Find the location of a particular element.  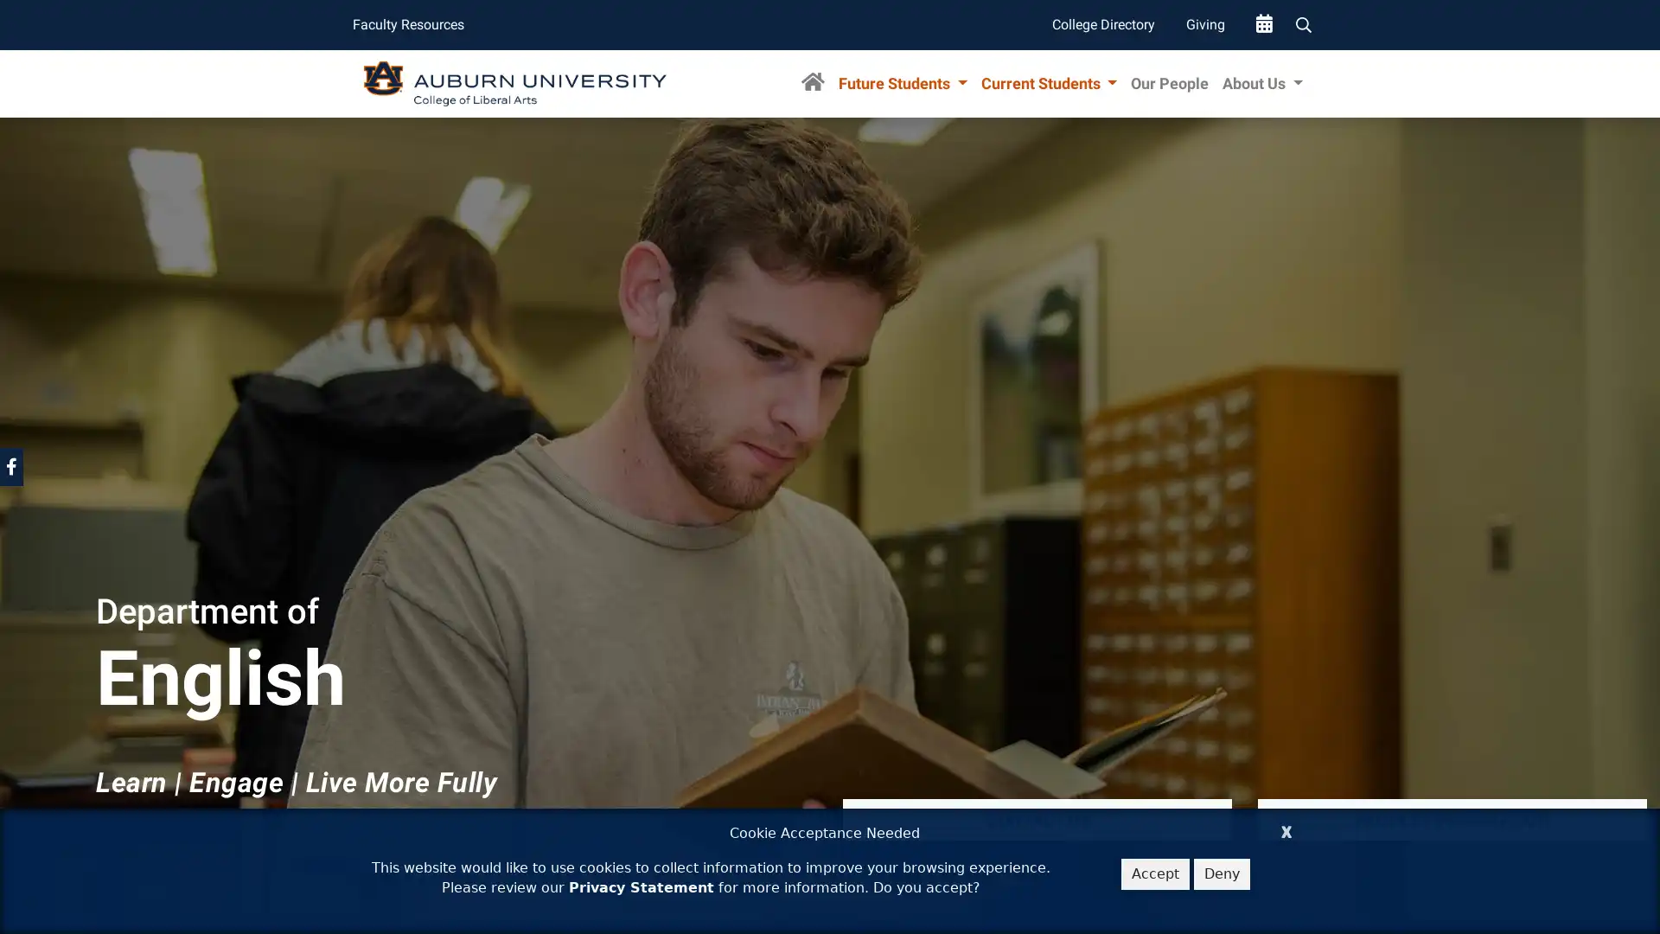

Deny is located at coordinates (1221, 873).